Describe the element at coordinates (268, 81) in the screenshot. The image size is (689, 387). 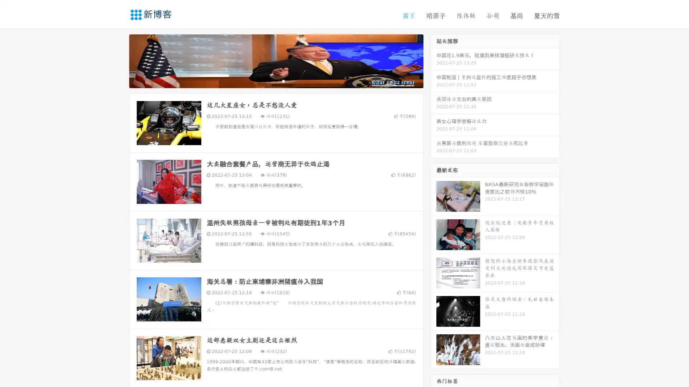
I see `Go to slide 1` at that location.